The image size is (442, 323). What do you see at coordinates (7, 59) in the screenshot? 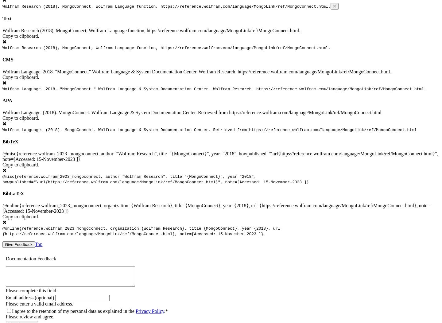
I see `'CMS'` at bounding box center [7, 59].